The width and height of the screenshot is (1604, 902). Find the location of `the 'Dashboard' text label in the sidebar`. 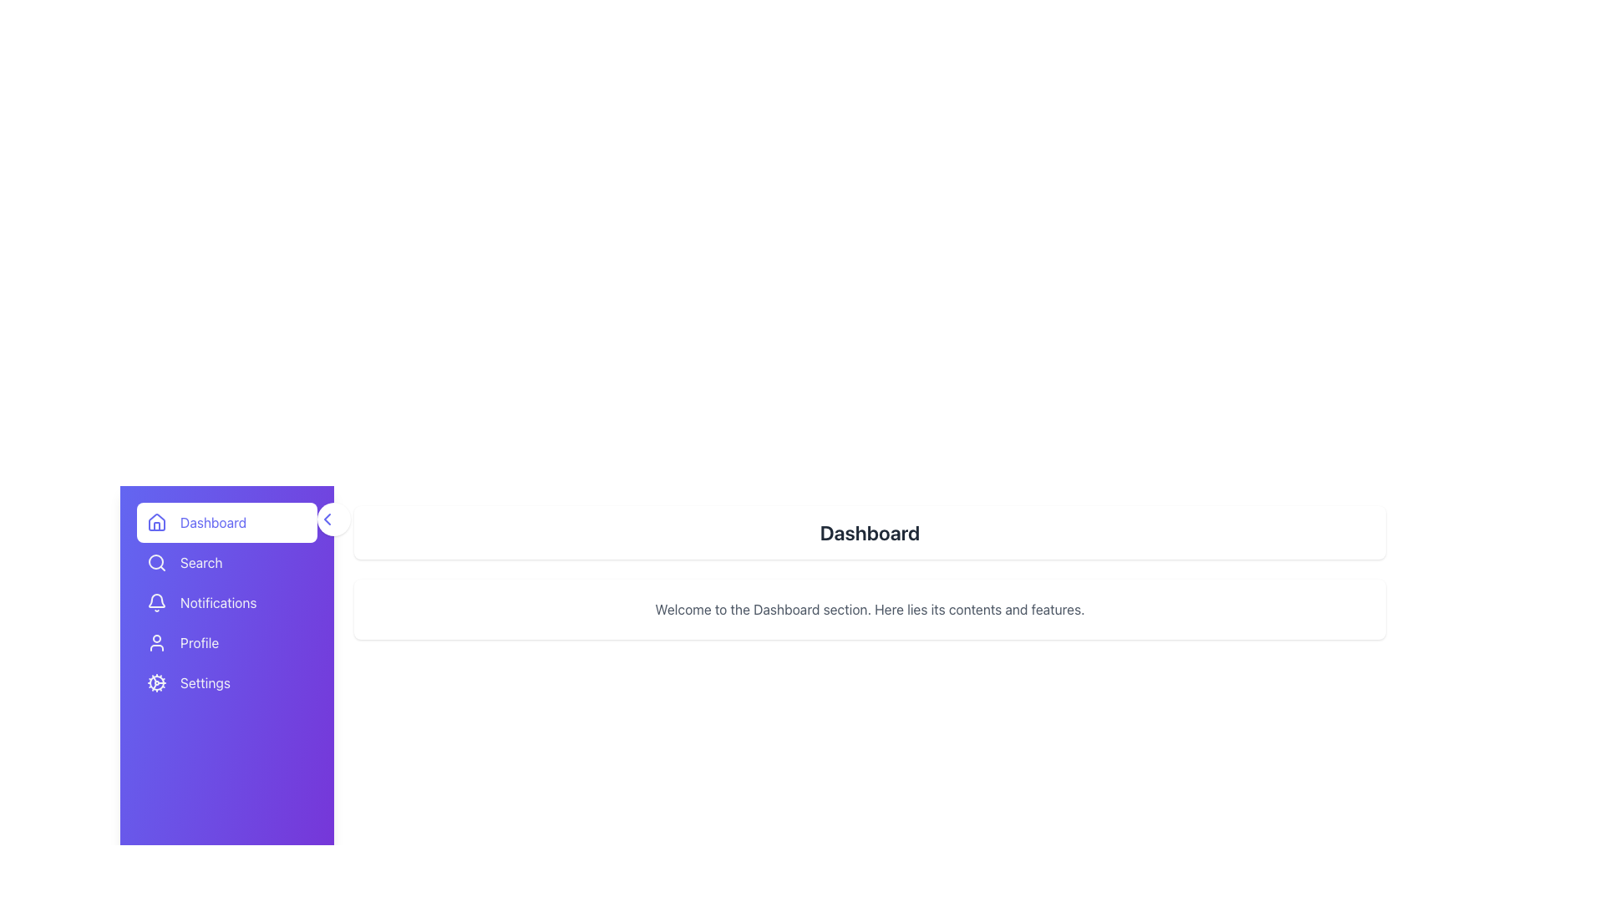

the 'Dashboard' text label in the sidebar is located at coordinates (212, 521).